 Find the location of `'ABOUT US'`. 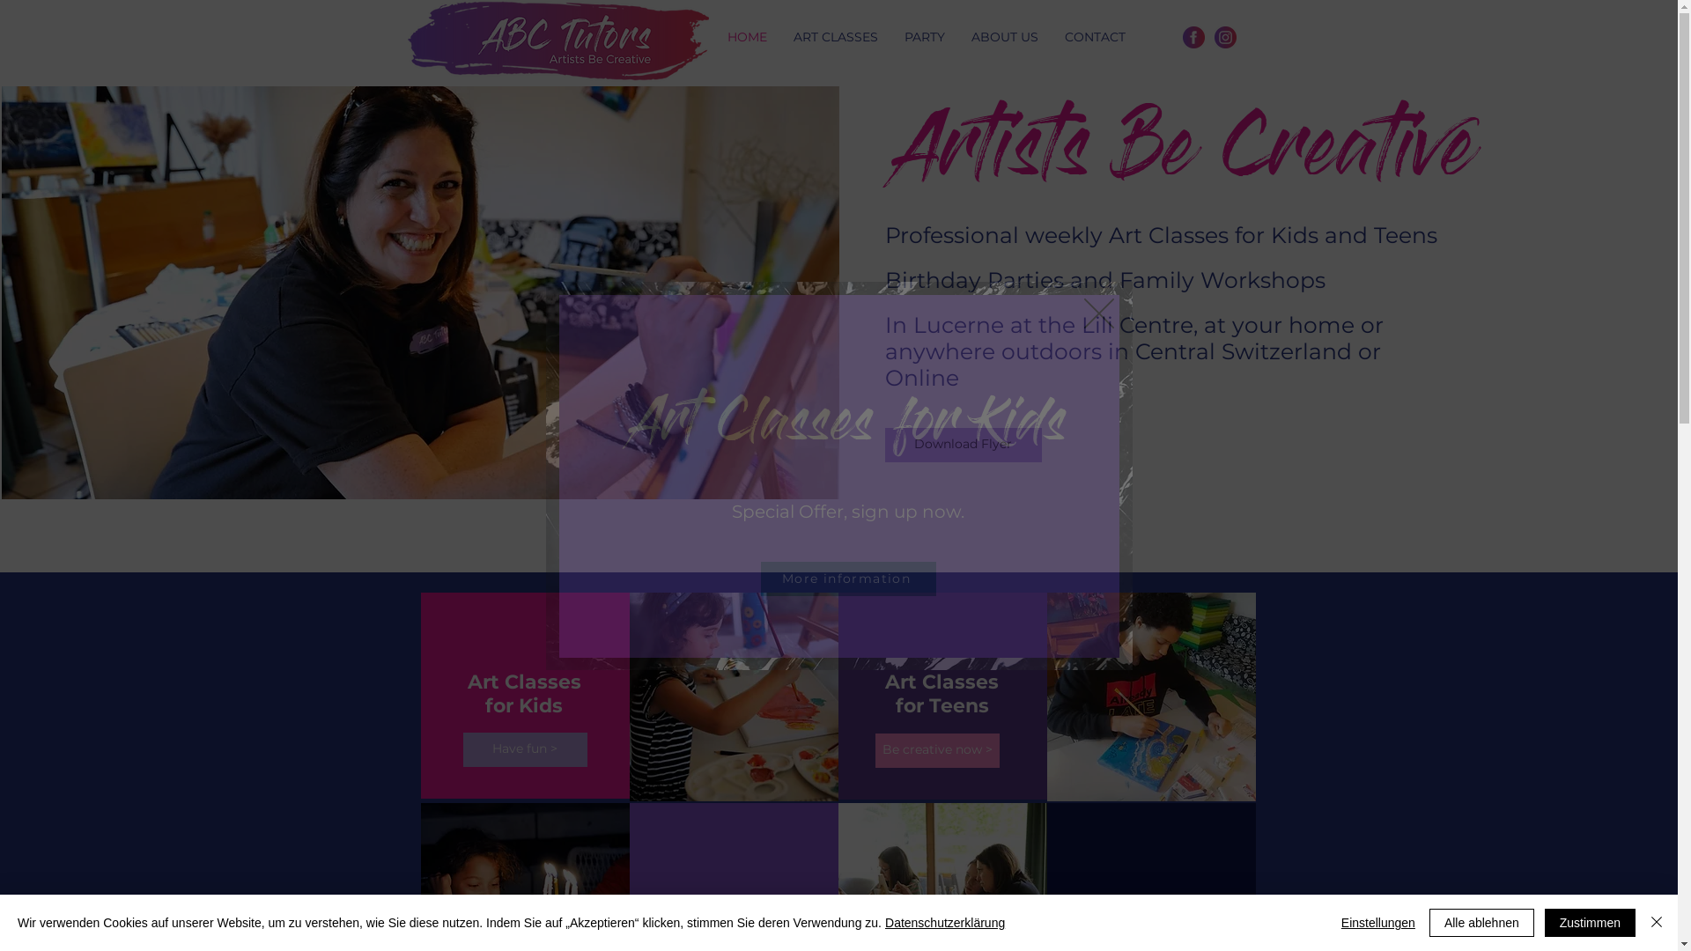

'ABOUT US' is located at coordinates (1005, 37).